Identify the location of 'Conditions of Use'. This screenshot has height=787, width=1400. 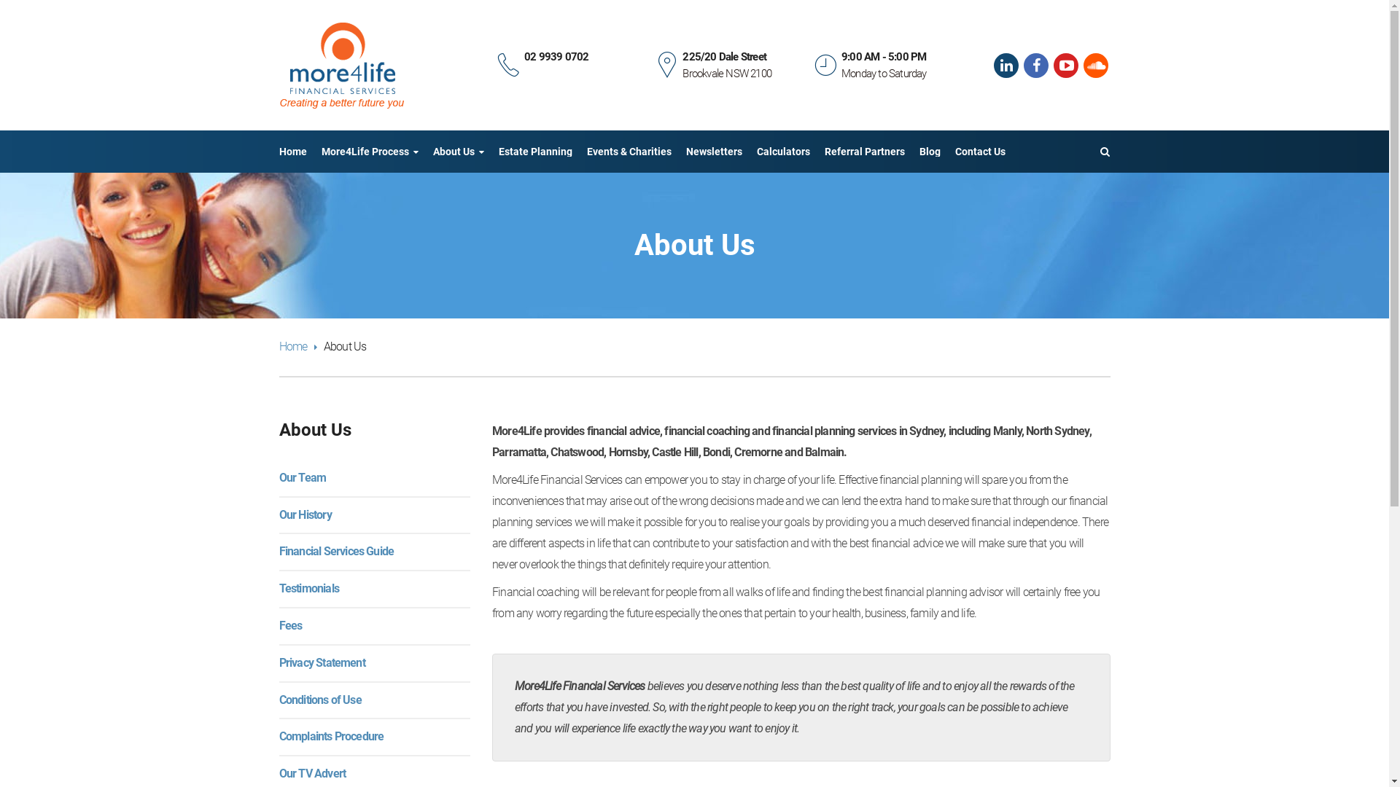
(319, 699).